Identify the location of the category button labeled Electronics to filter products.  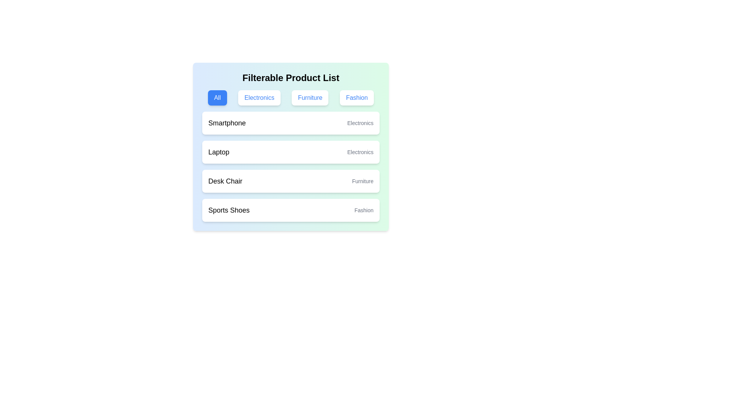
(259, 97).